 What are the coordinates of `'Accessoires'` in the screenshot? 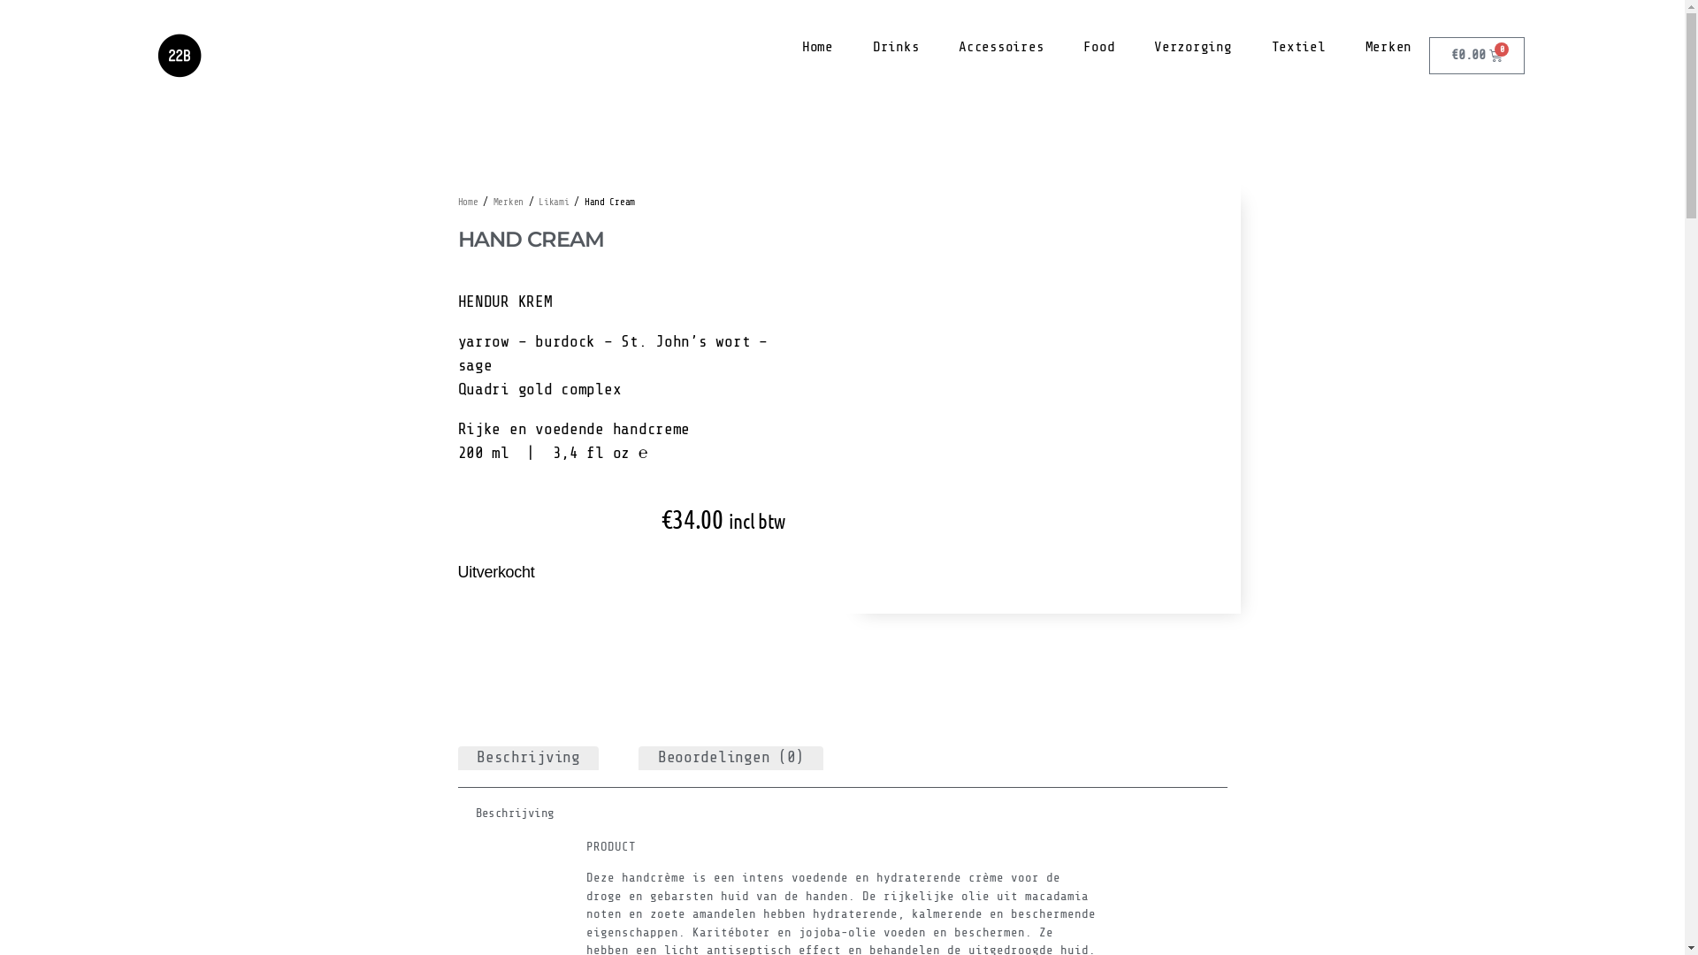 It's located at (1001, 46).